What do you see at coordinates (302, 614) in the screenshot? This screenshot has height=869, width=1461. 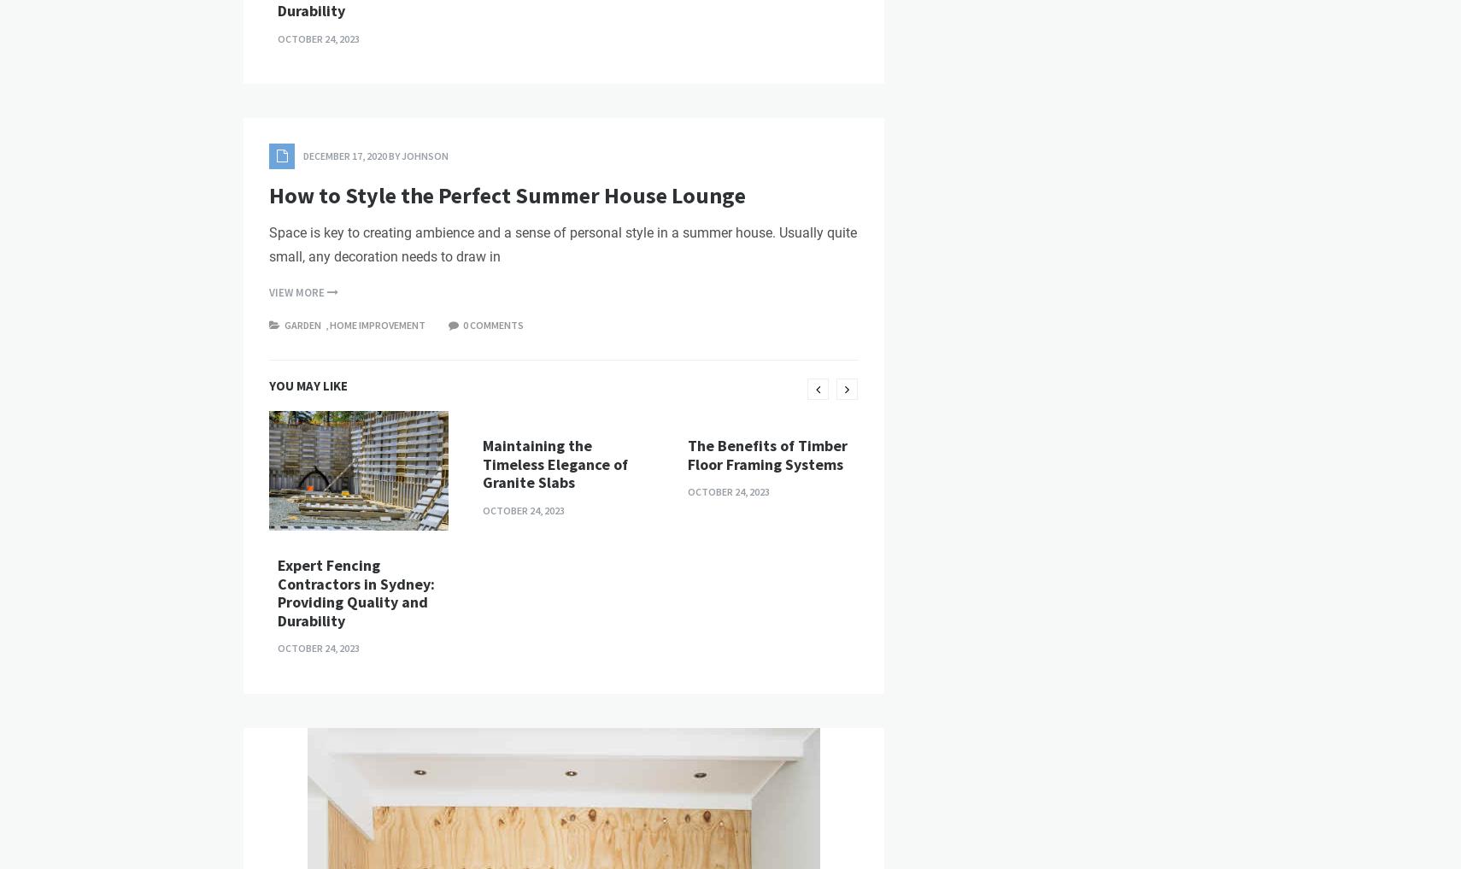 I see `'Garden'` at bounding box center [302, 614].